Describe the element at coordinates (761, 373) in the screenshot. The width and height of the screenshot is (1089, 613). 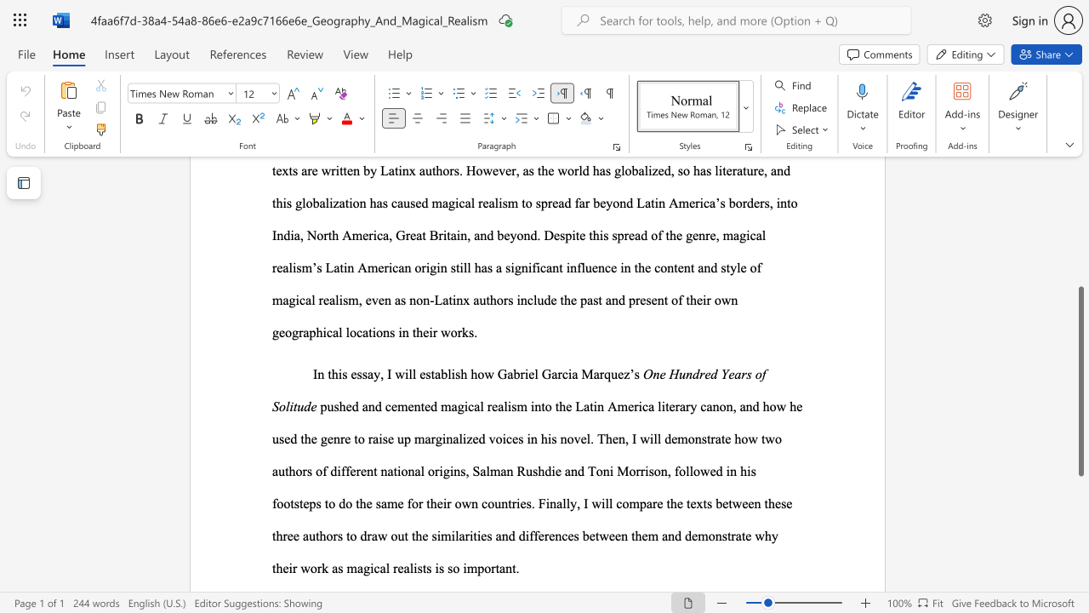
I see `the subset text "f Solitud" within the text "One Hundred Years of Solitude"` at that location.